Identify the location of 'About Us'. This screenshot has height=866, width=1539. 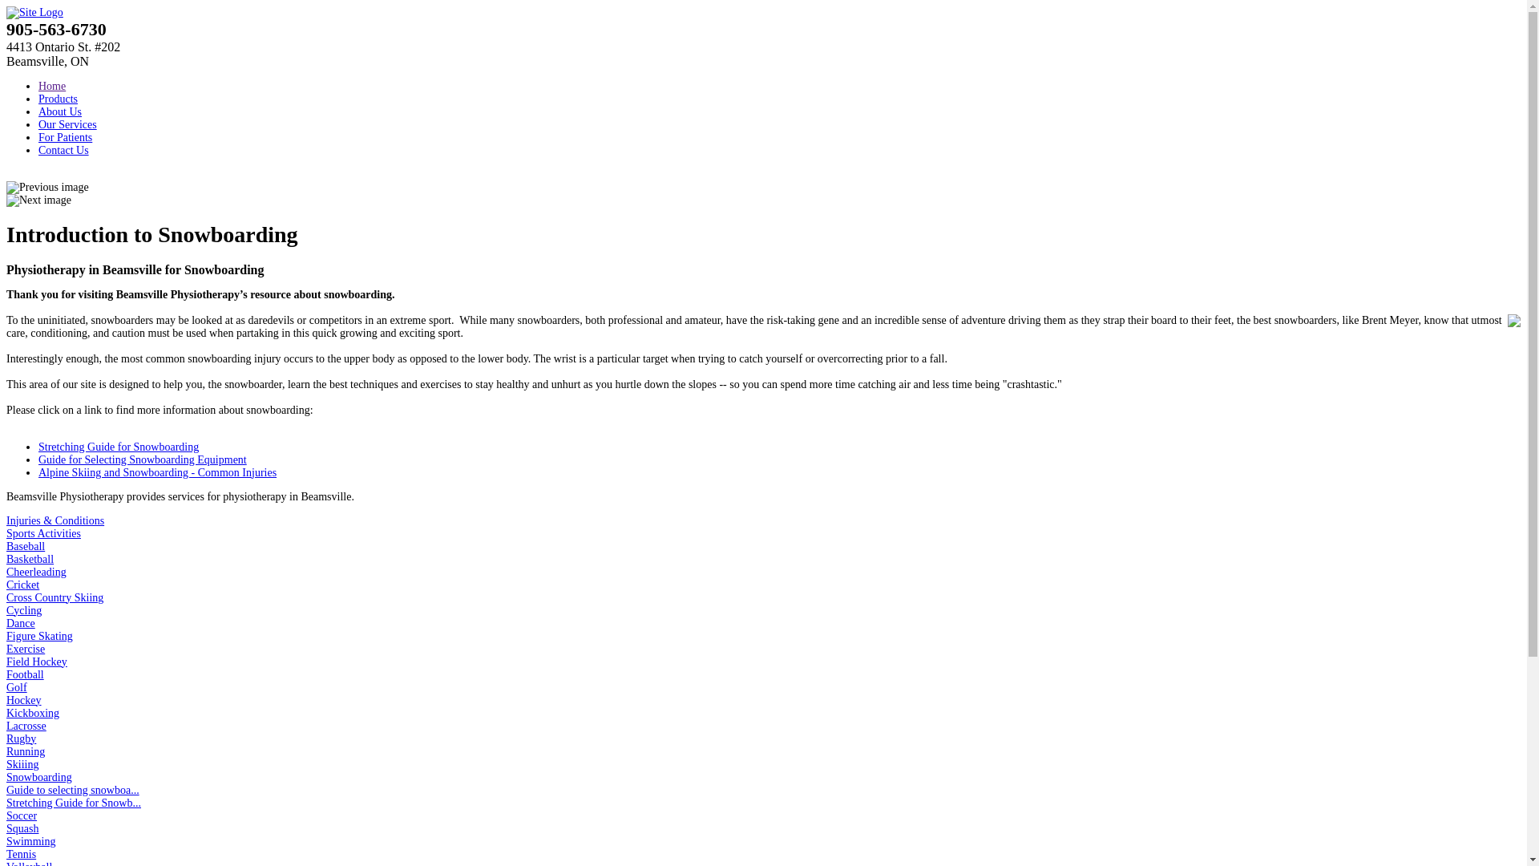
(60, 111).